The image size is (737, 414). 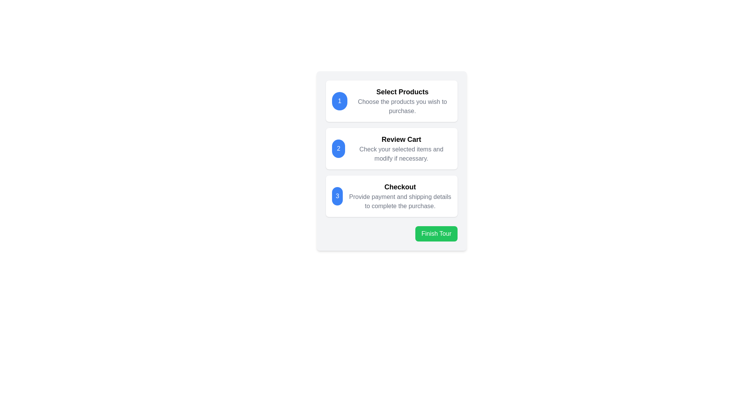 What do you see at coordinates (402, 91) in the screenshot?
I see `the text label that serves as the title for the first step in the selection and purchasing process, positioned above the description 'Choose the products you wish to purchase.'` at bounding box center [402, 91].